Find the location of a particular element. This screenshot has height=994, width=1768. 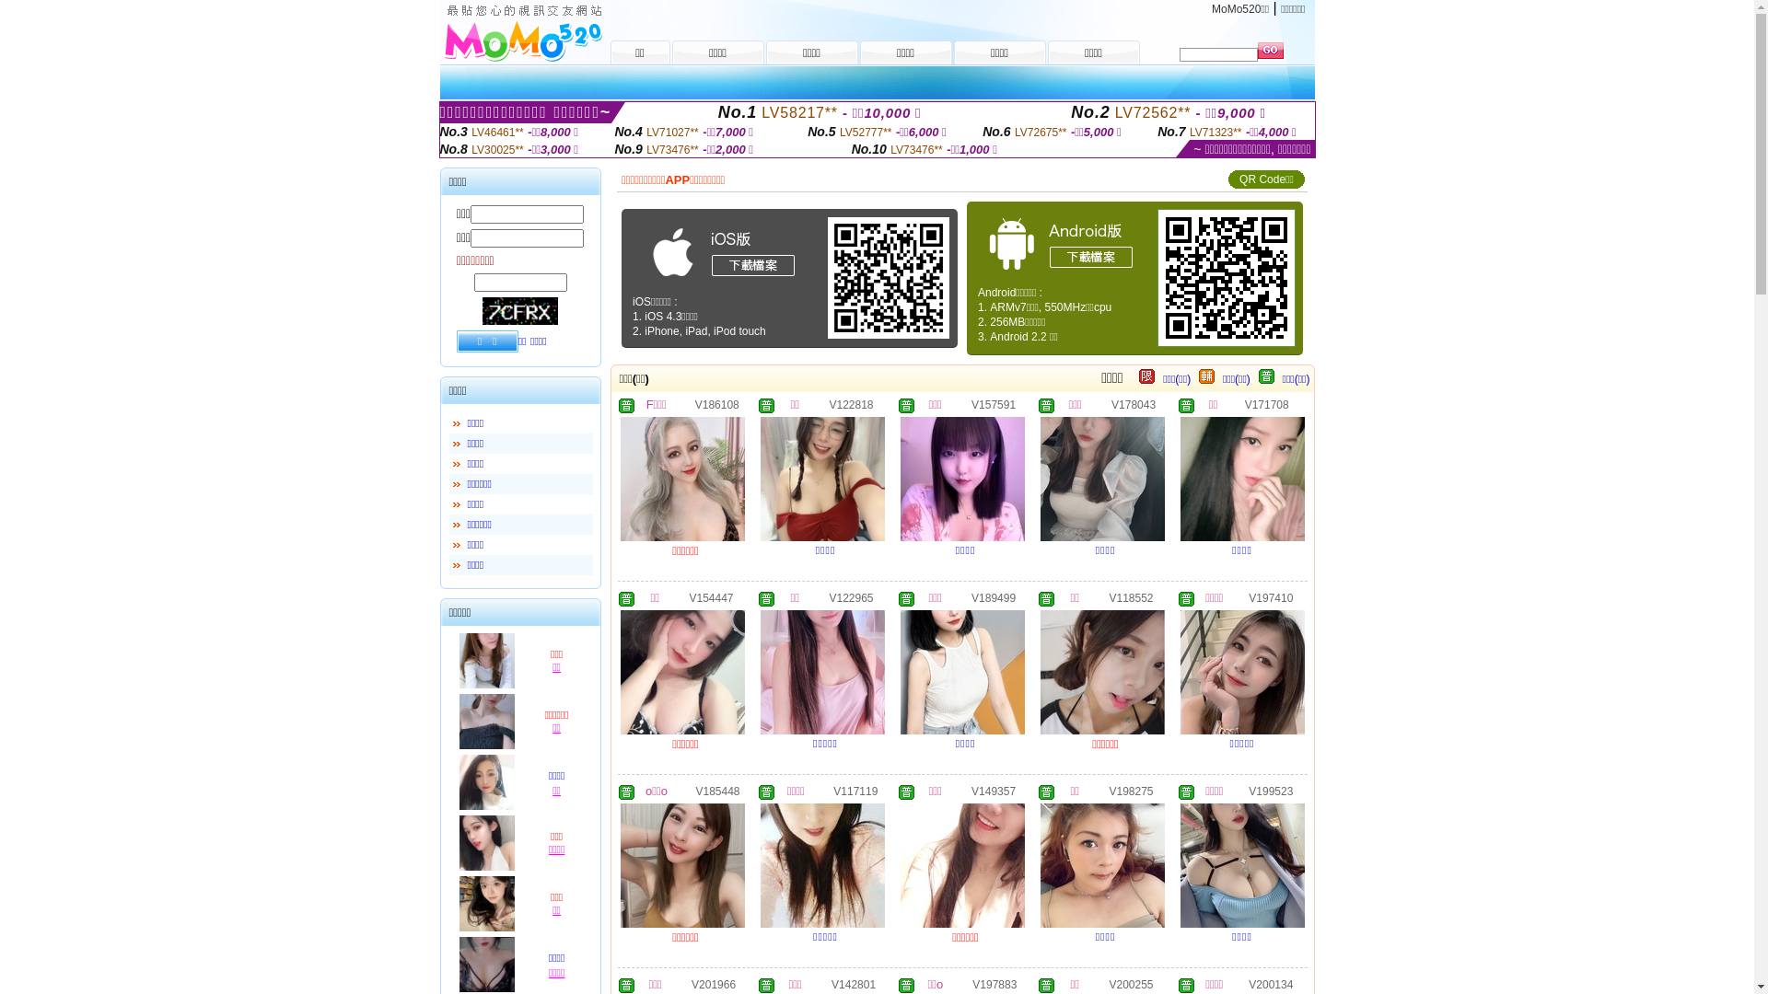

'V149357' is located at coordinates (993, 790).